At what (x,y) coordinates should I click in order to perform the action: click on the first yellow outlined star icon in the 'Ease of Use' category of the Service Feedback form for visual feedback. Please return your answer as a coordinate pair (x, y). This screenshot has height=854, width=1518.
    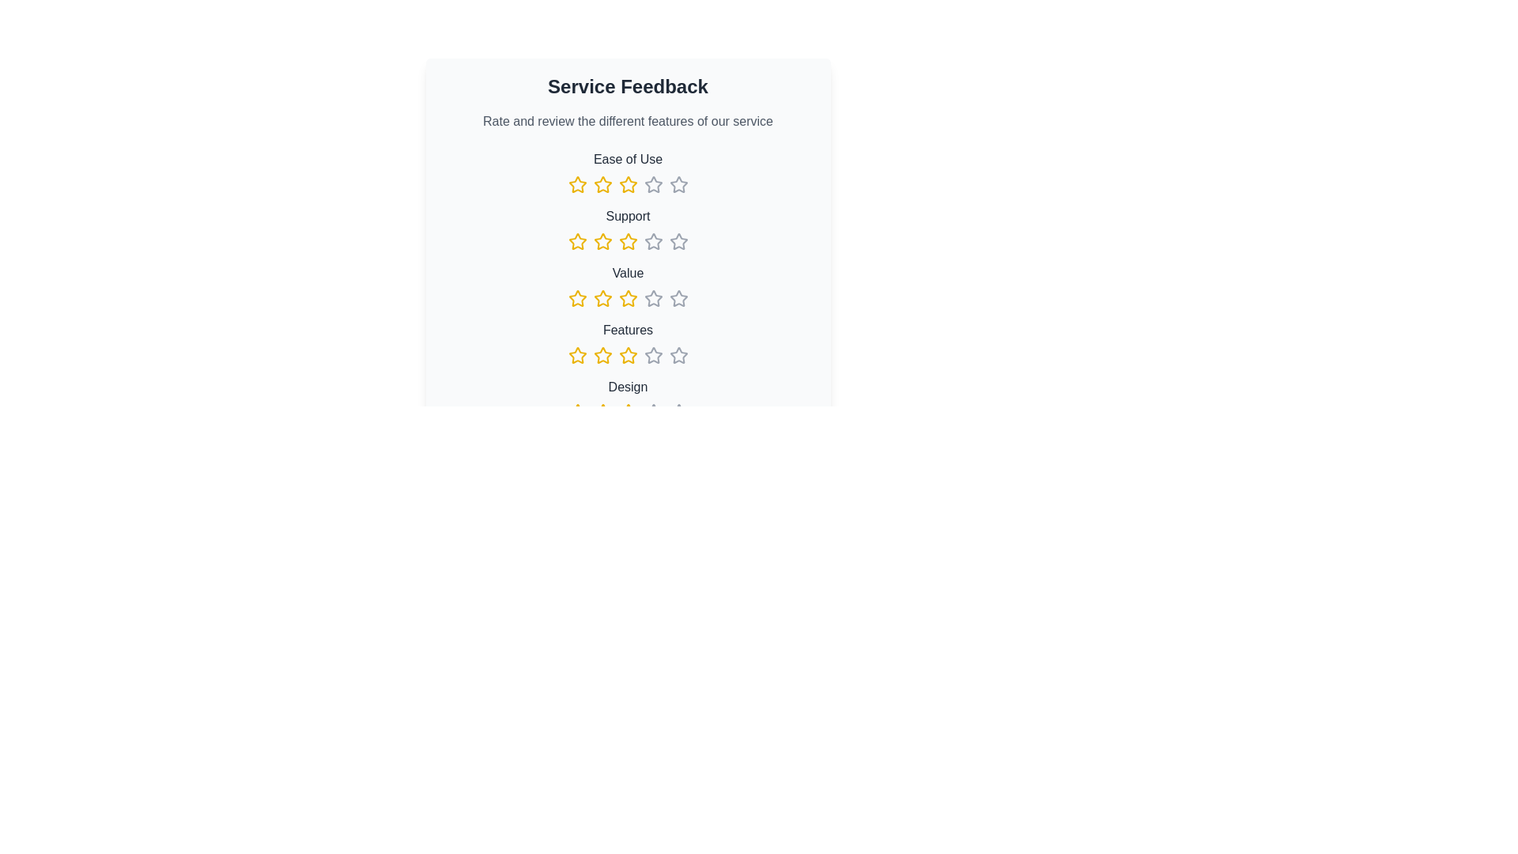
    Looking at the image, I should click on (576, 183).